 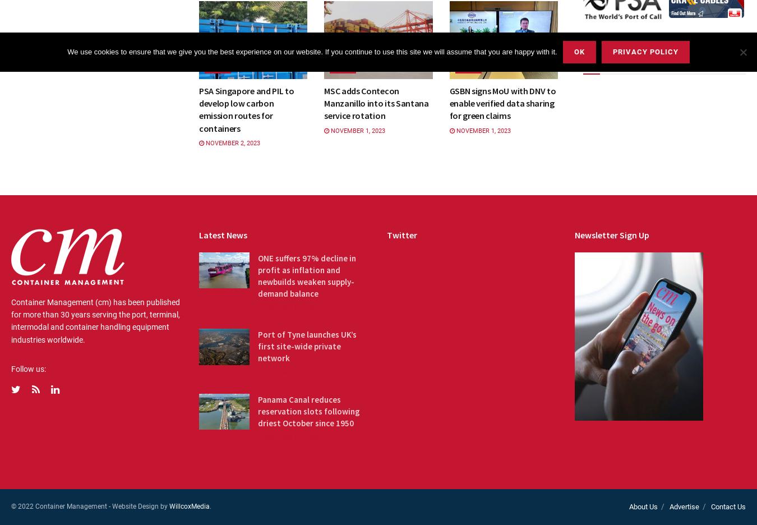 I want to click on 'Twitter', so click(x=401, y=234).